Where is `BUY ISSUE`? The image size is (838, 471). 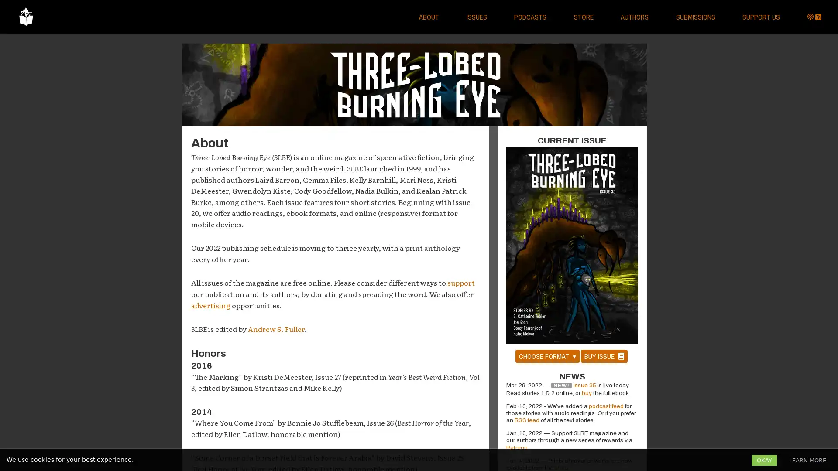 BUY ISSUE is located at coordinates (603, 356).